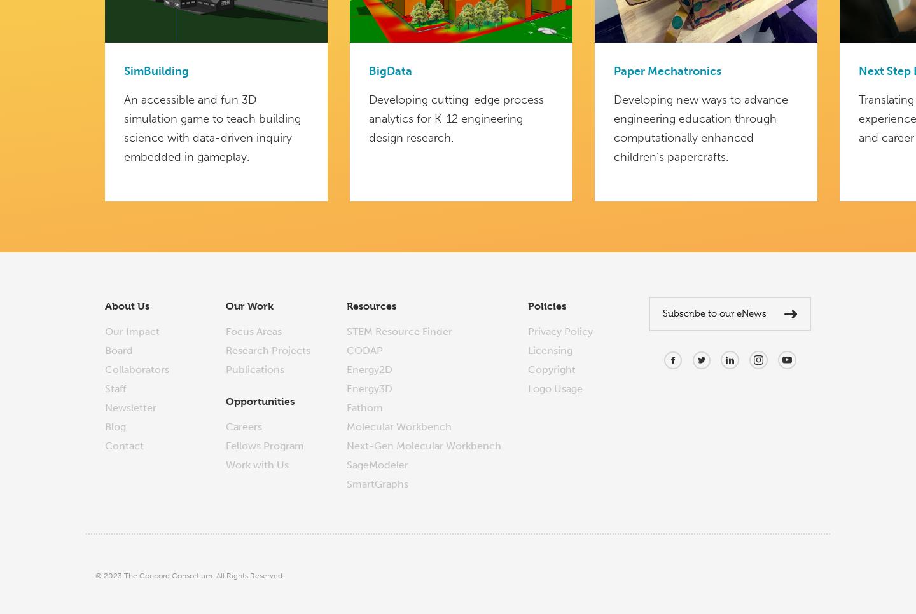  Describe the element at coordinates (613, 128) in the screenshot. I see `'Developing new ways to advance engineering education through computationally enhanced children's papercrafts.'` at that location.